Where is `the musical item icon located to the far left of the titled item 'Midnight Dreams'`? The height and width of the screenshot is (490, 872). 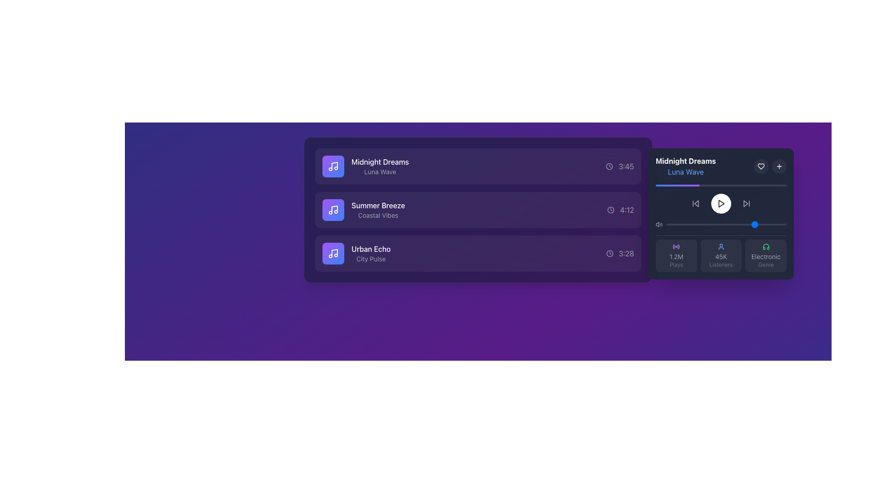
the musical item icon located to the far left of the titled item 'Midnight Dreams' is located at coordinates (333, 210).